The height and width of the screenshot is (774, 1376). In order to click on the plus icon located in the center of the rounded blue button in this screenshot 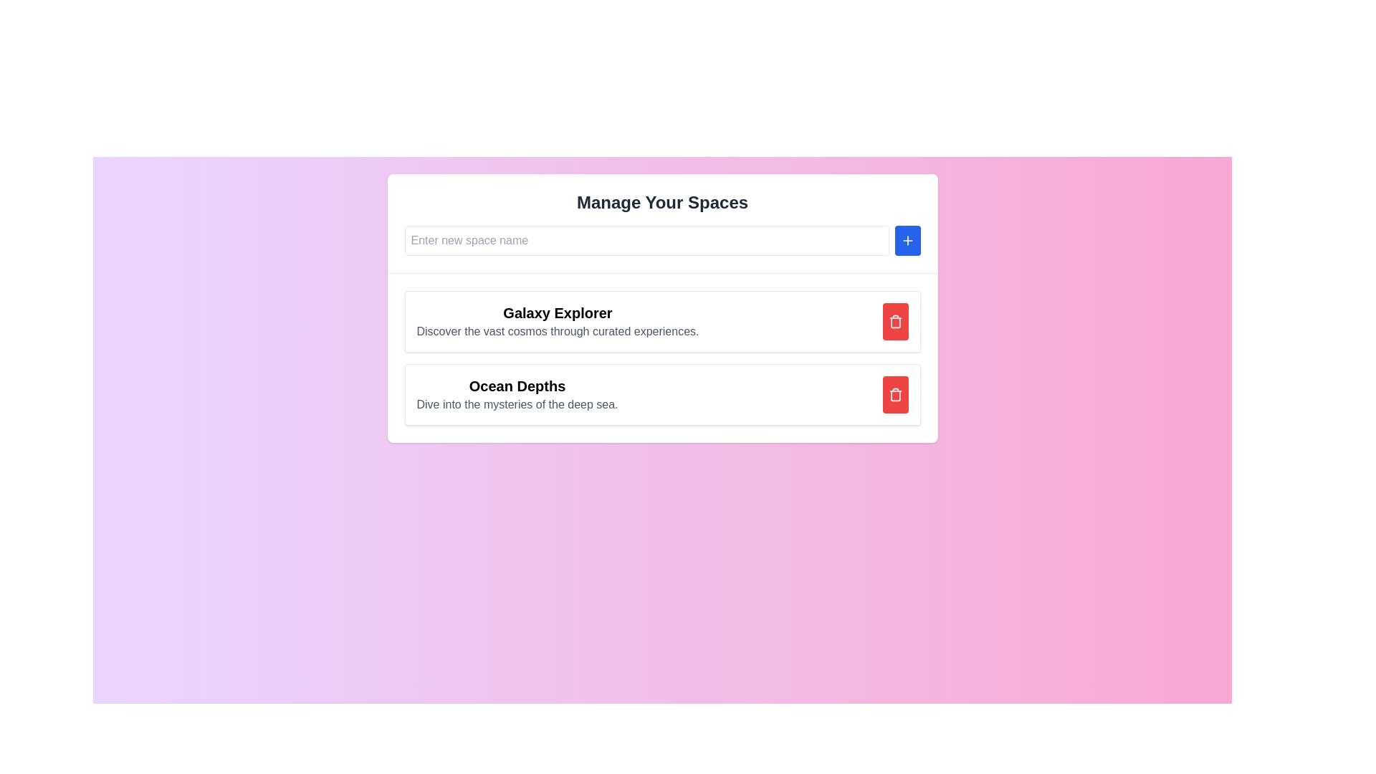, I will do `click(907, 239)`.